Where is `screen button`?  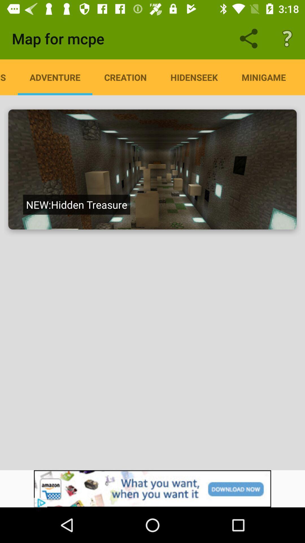
screen button is located at coordinates (152, 169).